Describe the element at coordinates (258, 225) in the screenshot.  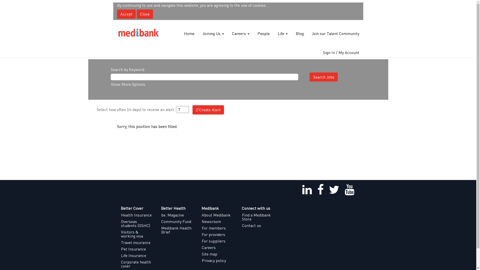
I see `'Contact us'` at that location.